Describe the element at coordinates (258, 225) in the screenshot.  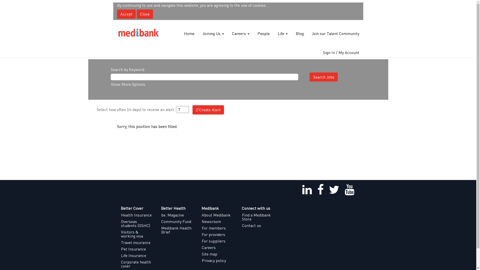
I see `'Contact us'` at that location.